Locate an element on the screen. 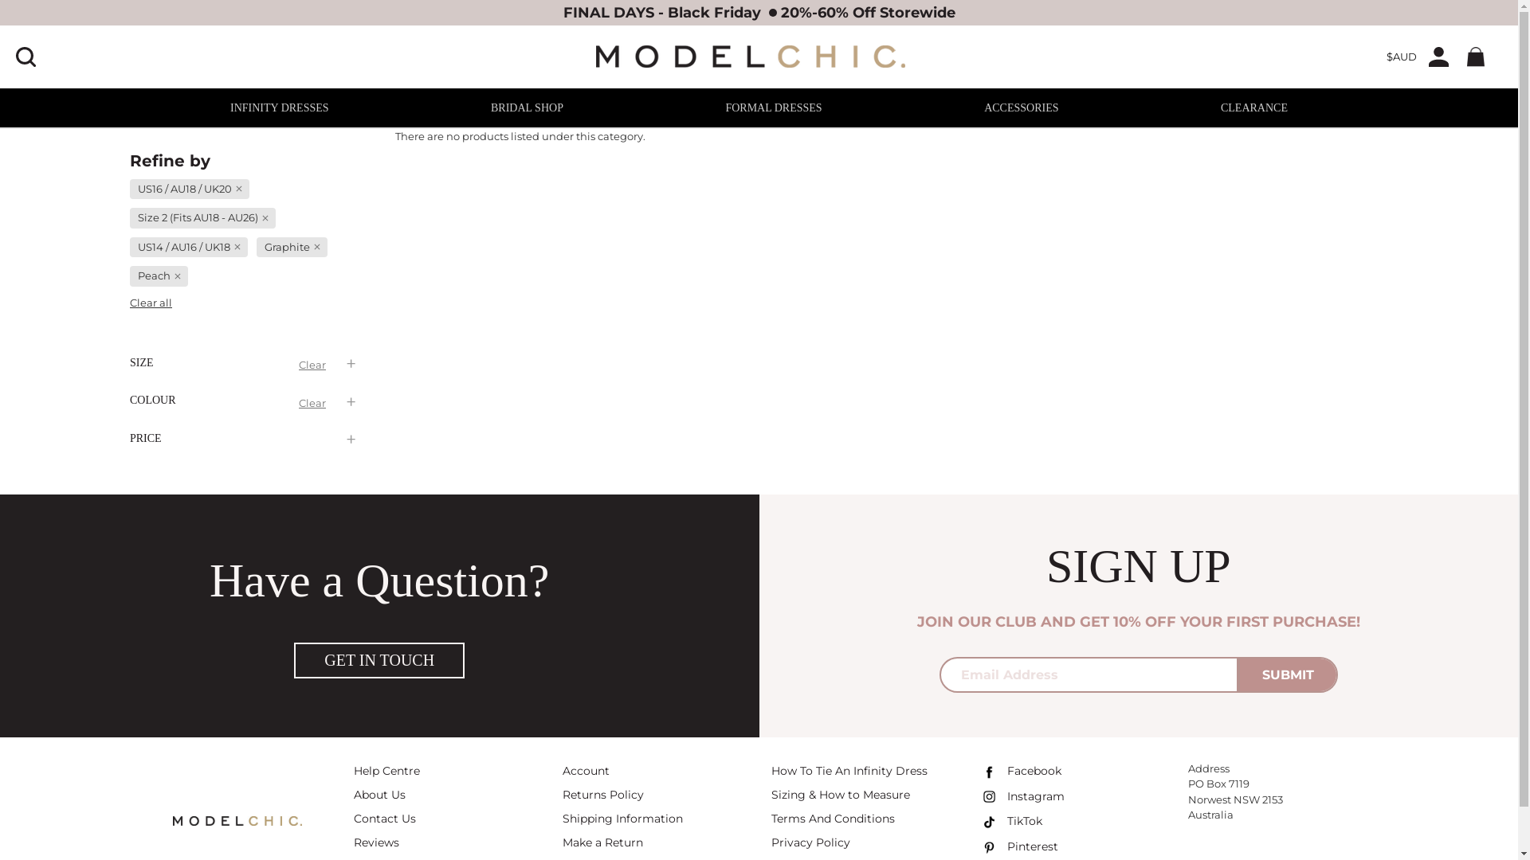  'Instagram' is located at coordinates (1022, 799).